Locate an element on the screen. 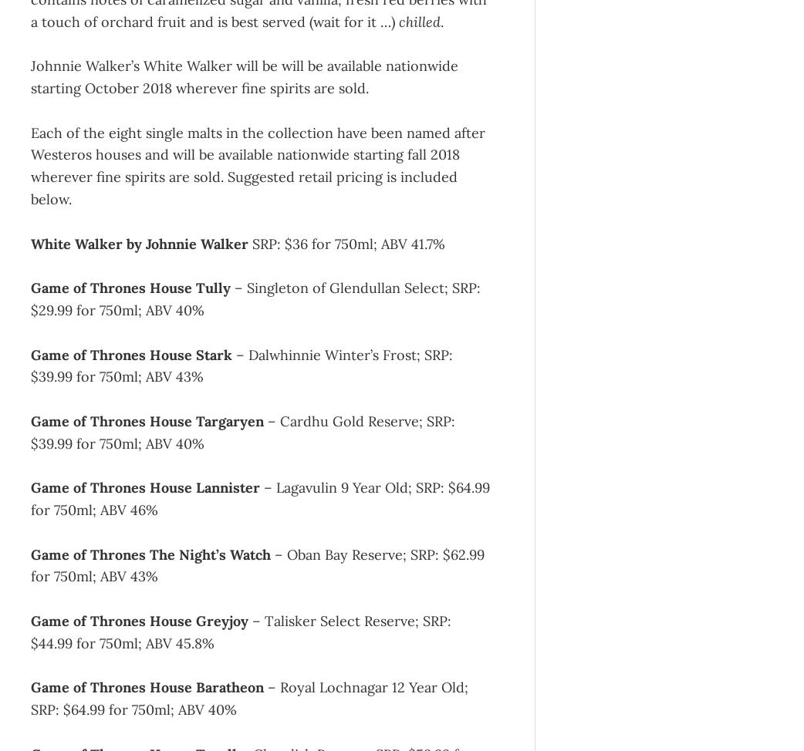 This screenshot has height=751, width=804. '– Oban Bay Reserve; SRP: $62.99 for 750ml; ABV 43%' is located at coordinates (257, 564).